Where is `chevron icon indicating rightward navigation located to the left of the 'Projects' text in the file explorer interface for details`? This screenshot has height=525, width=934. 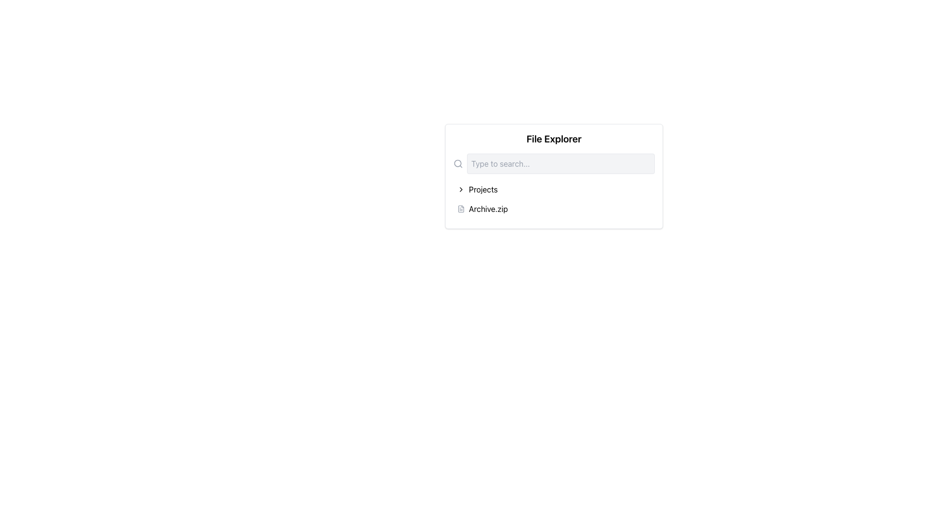 chevron icon indicating rightward navigation located to the left of the 'Projects' text in the file explorer interface for details is located at coordinates (461, 189).